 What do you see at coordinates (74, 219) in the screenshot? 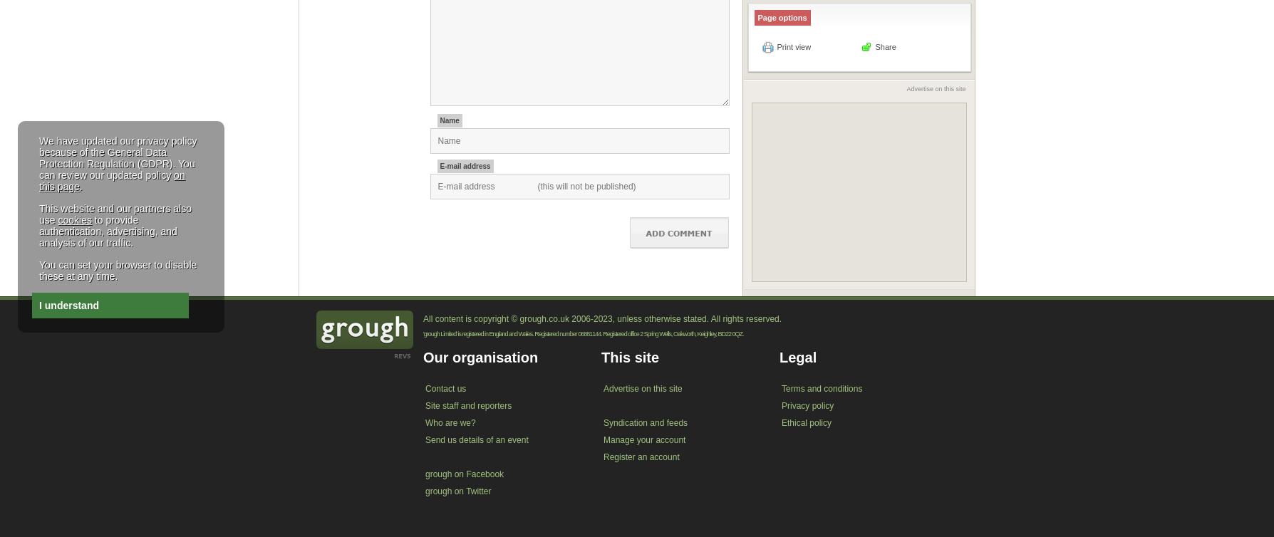
I see `'cookies'` at bounding box center [74, 219].